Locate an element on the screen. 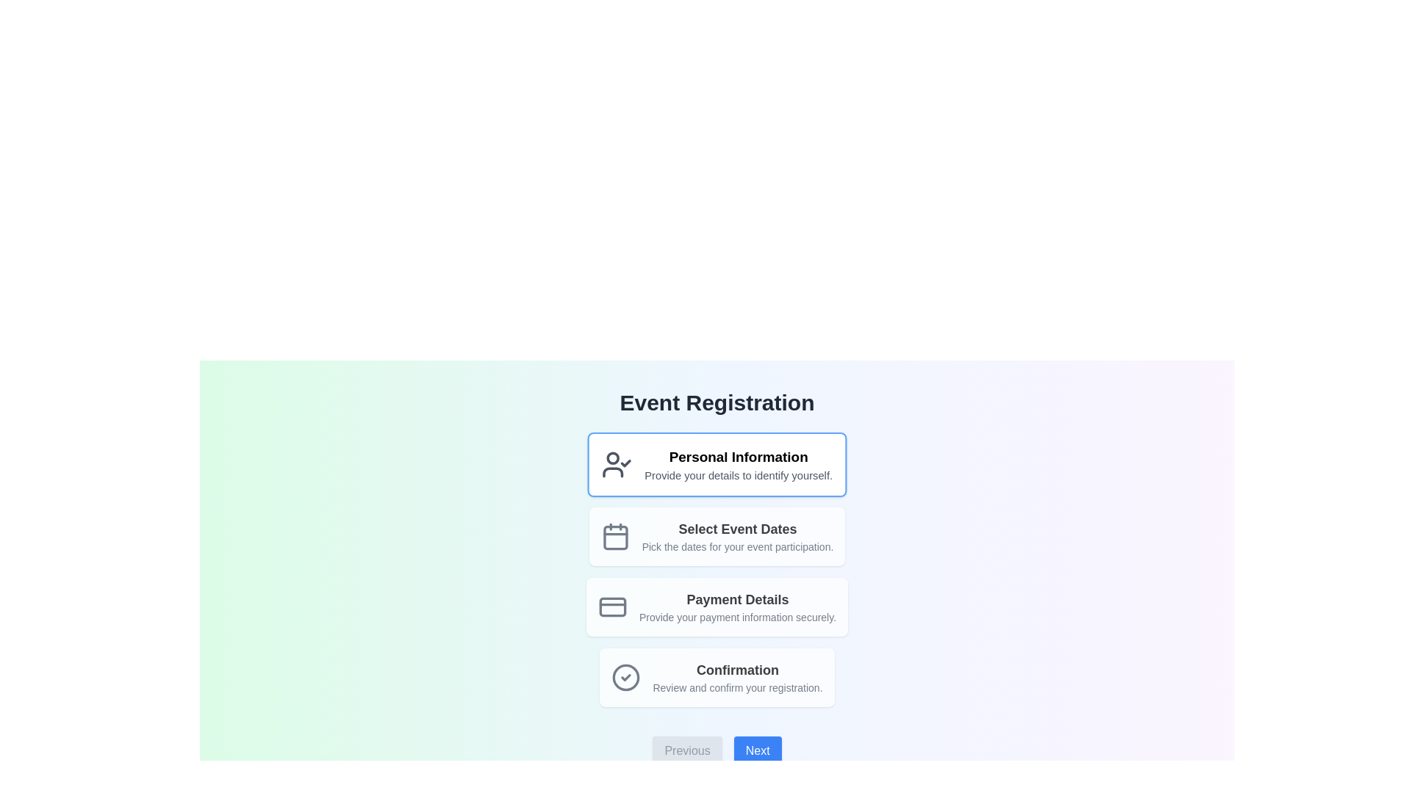  the 'Payment Details' icon, which is the first component within the third interactive card in a vertical sequence, aiding in user navigation is located at coordinates (612, 606).